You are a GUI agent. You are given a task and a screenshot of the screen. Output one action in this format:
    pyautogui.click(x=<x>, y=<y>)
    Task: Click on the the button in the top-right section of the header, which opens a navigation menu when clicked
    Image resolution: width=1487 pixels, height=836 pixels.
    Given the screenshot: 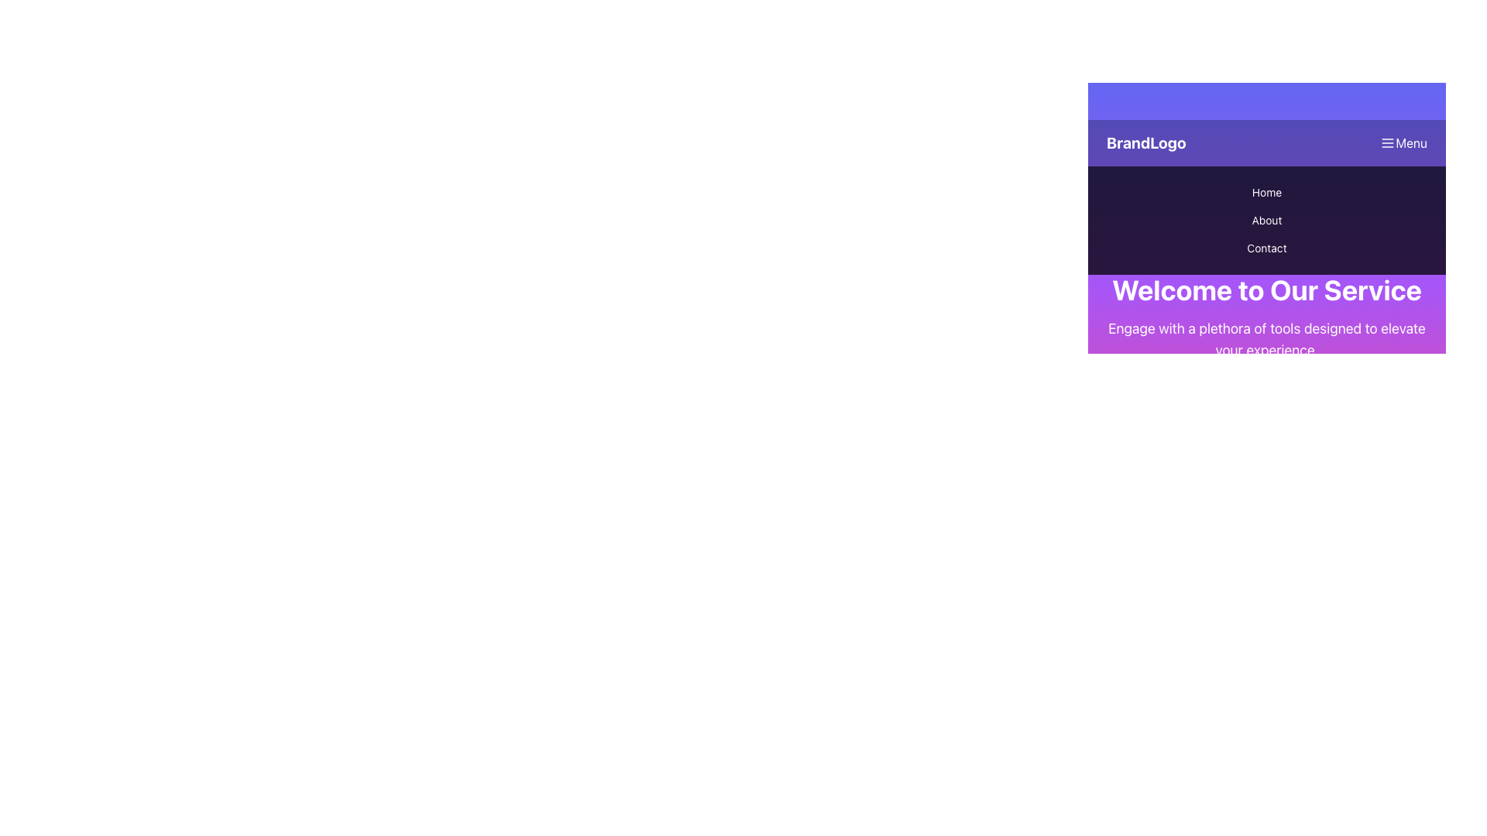 What is the action you would take?
    pyautogui.click(x=1403, y=143)
    